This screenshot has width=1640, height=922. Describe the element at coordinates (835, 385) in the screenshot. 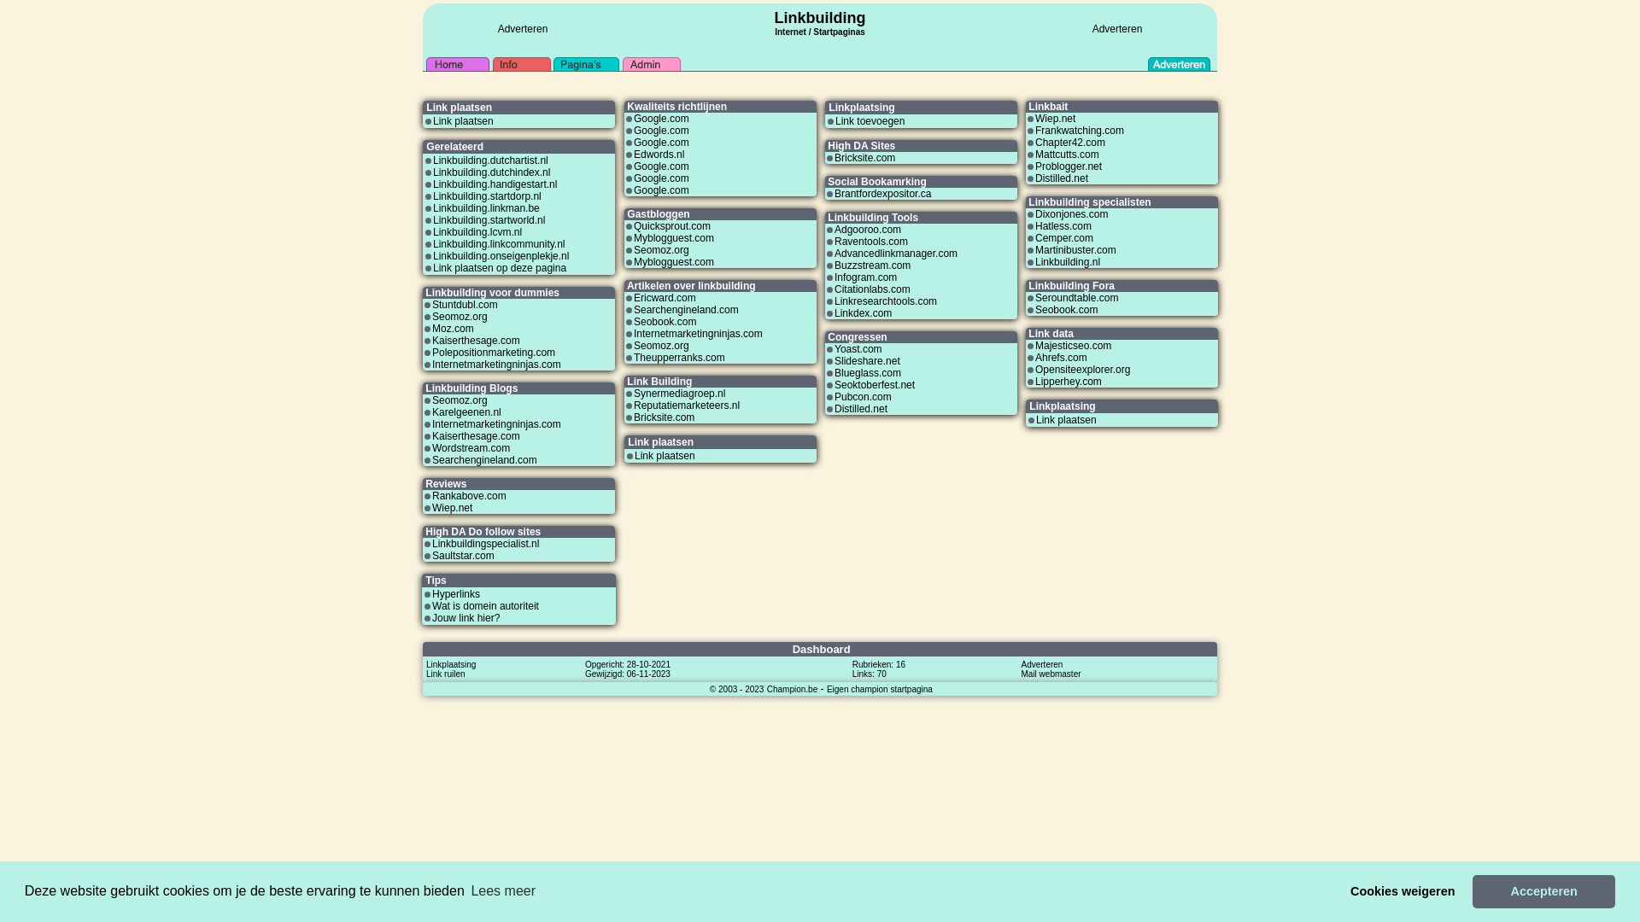

I see `'Seoktoberfest.net'` at that location.